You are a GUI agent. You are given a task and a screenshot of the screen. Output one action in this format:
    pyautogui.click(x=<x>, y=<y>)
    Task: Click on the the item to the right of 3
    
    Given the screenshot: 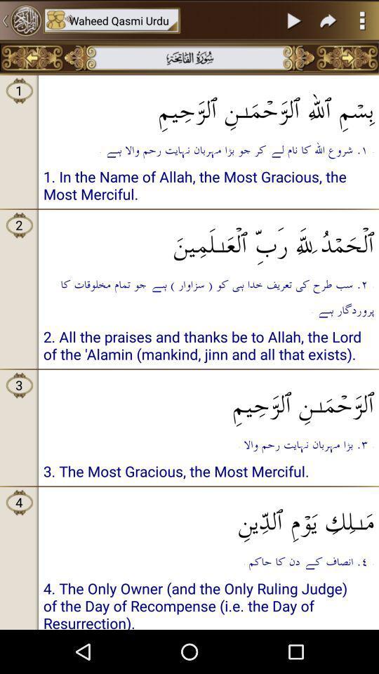 What is the action you would take?
    pyautogui.click(x=208, y=400)
    